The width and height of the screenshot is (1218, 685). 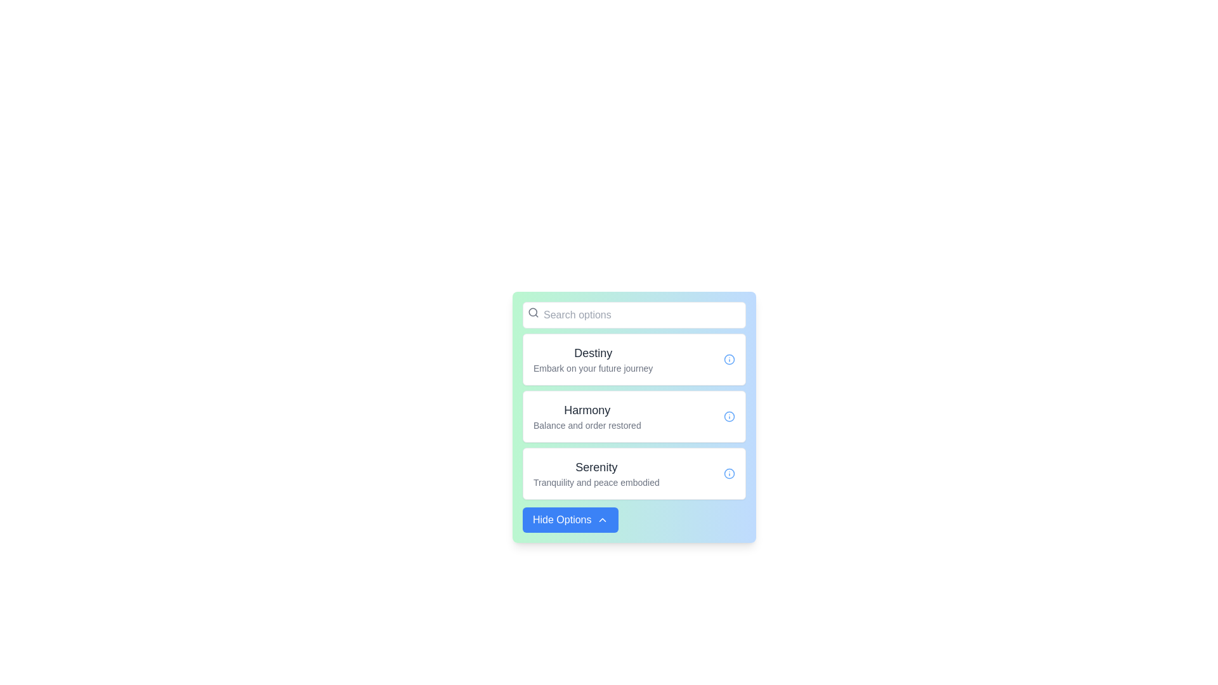 I want to click on the search icon shaped like a magnifying glass, located at the top-left inside the search box near the placeholder text 'Search options', so click(x=533, y=313).